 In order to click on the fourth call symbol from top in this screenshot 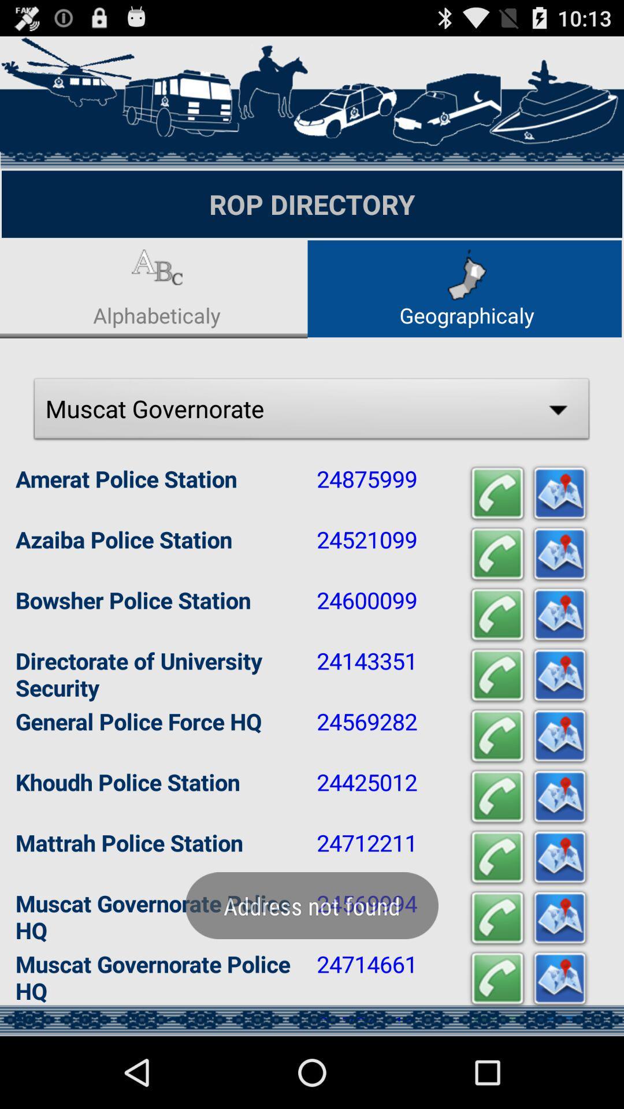, I will do `click(496, 676)`.